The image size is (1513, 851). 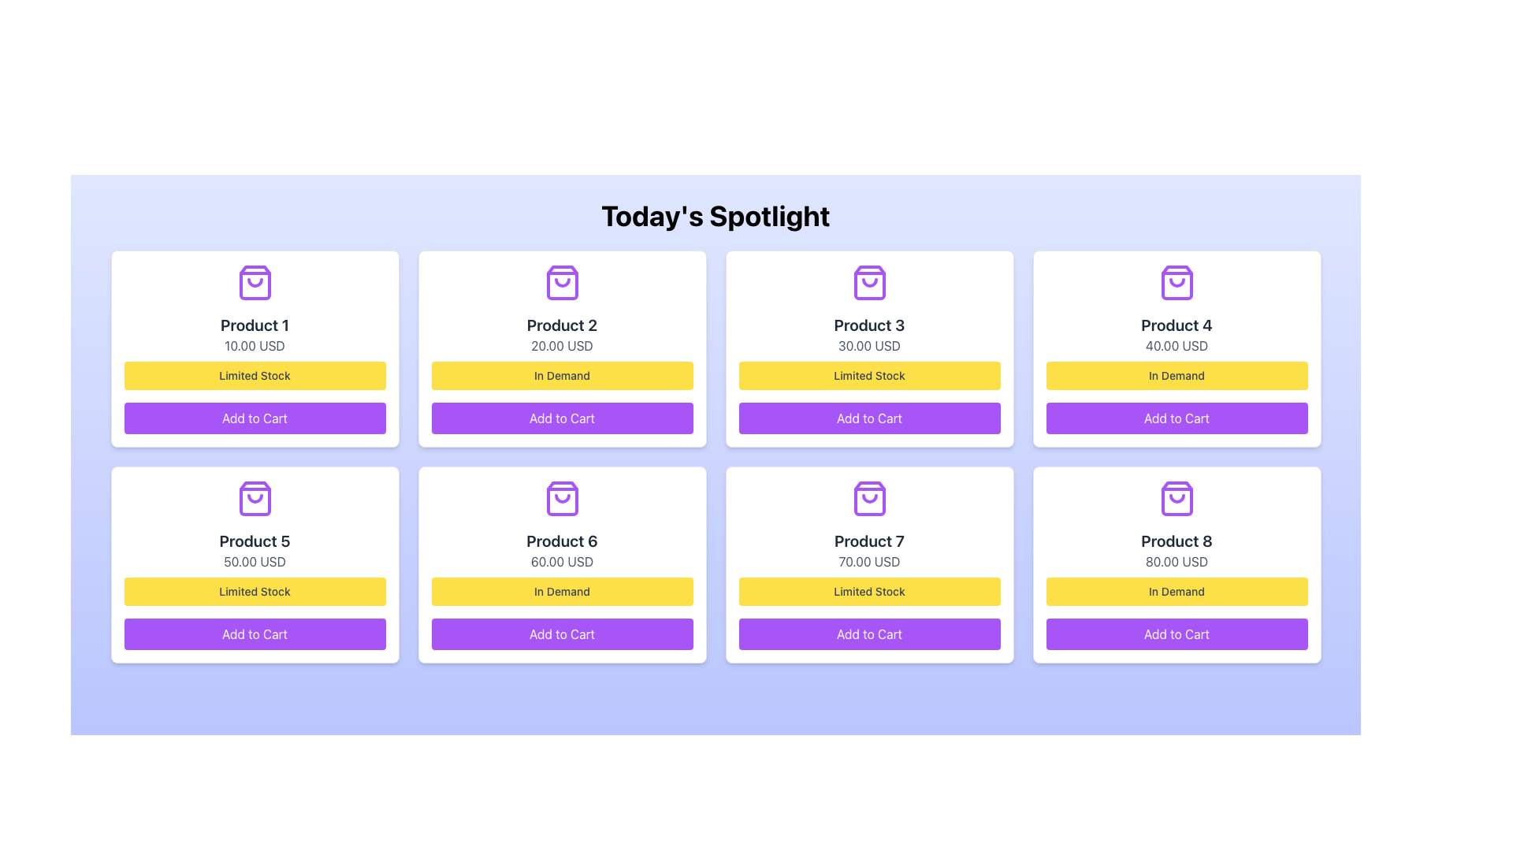 What do you see at coordinates (562, 592) in the screenshot?
I see `the 'In Demand' status banner located on the product card for 'Product 6' in the second row and second column of the grid` at bounding box center [562, 592].